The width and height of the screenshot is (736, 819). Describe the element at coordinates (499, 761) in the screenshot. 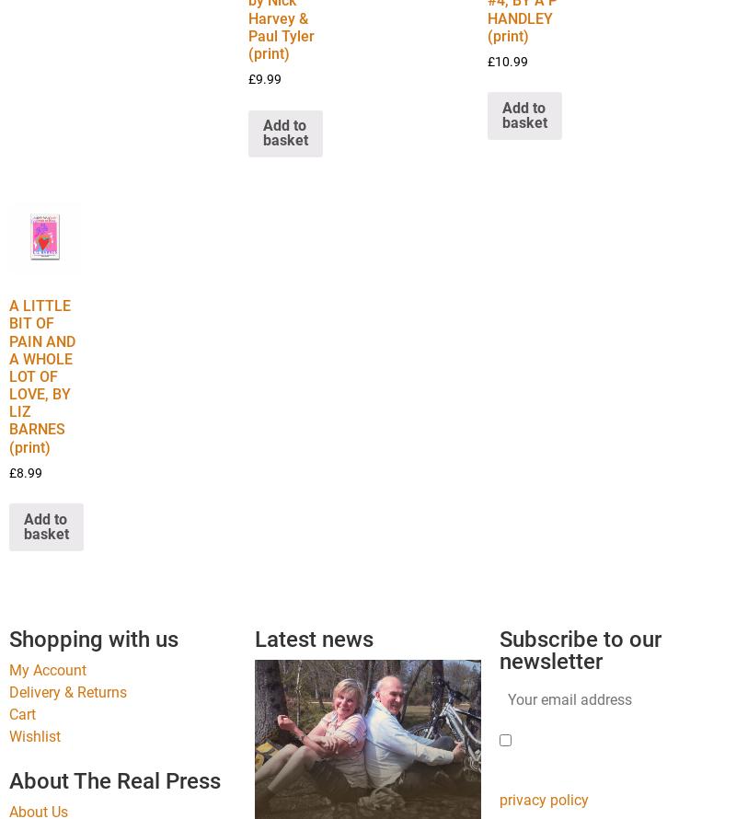

I see `'Please tick this box to confirm your request for newsletter subscription. This is to comply with GDPR regulations – view our'` at that location.